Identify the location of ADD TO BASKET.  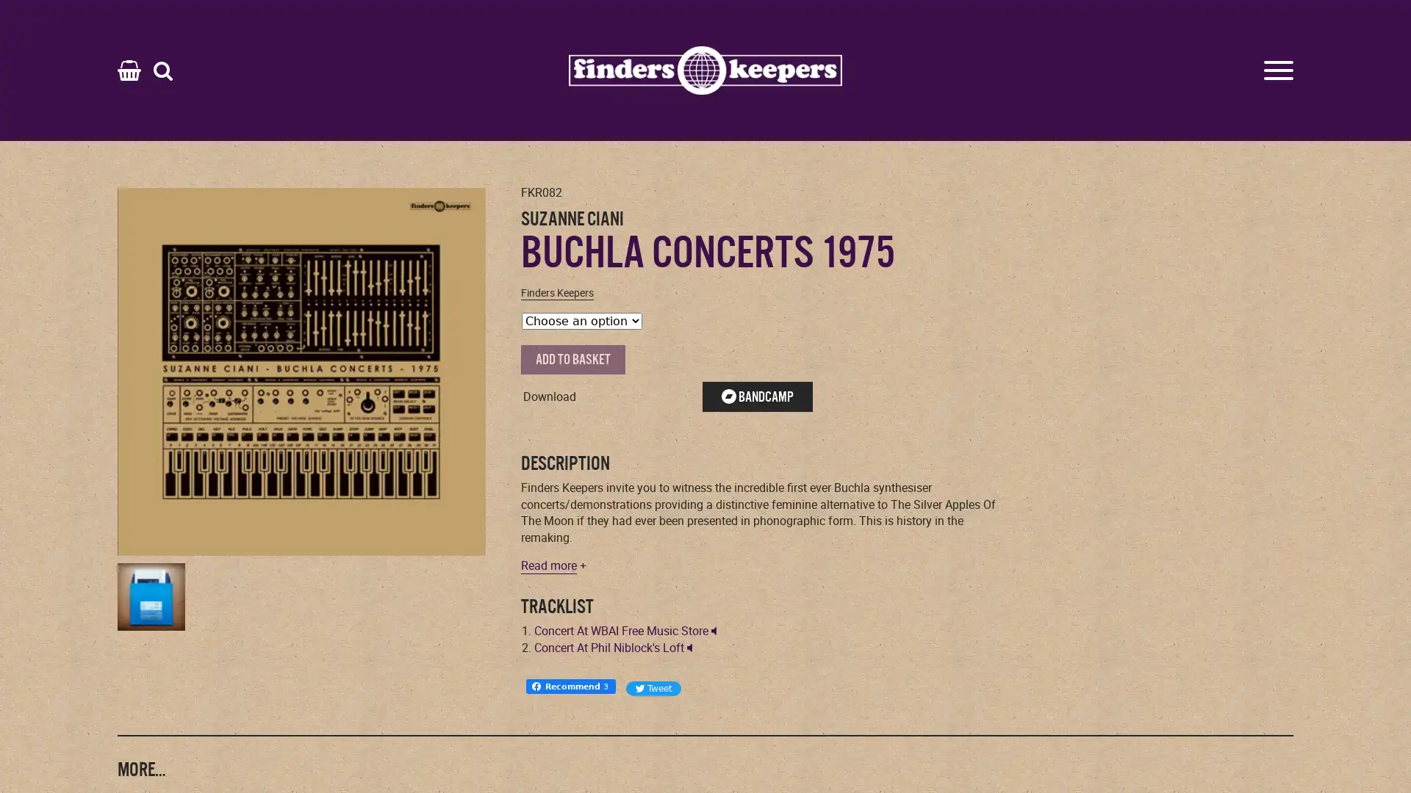
(572, 359).